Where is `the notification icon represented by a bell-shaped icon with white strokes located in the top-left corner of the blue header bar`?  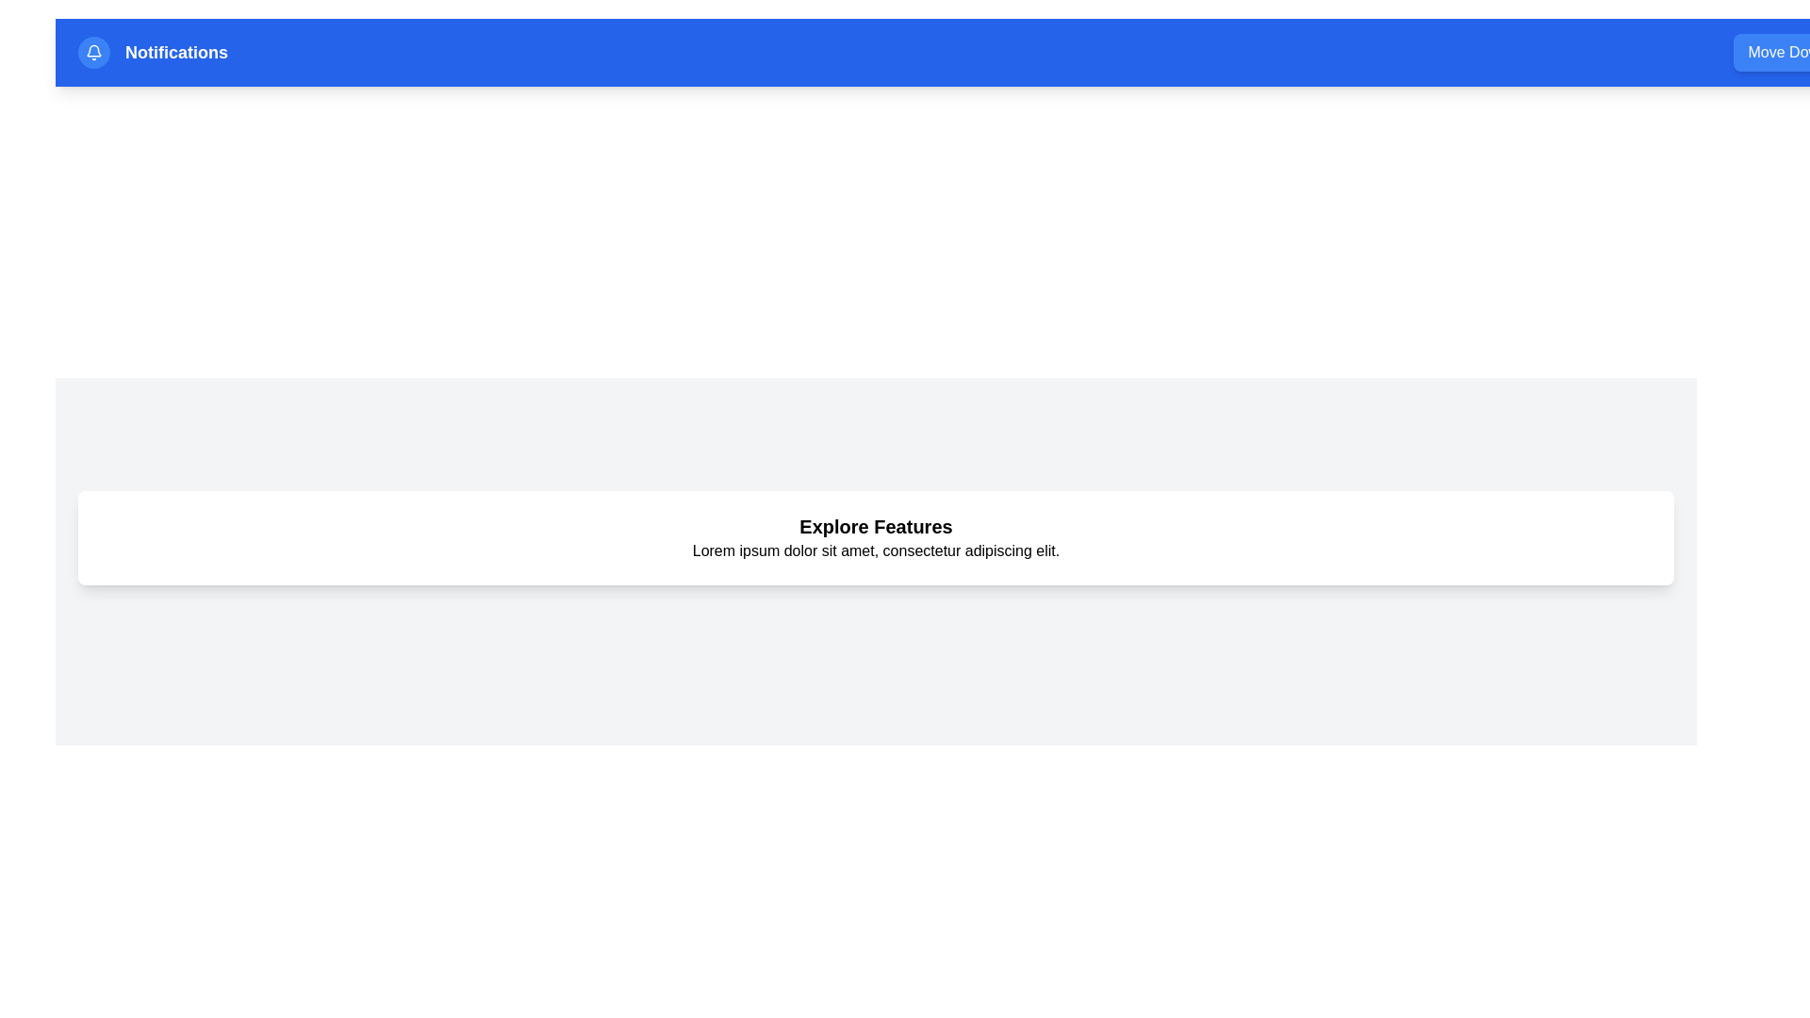 the notification icon represented by a bell-shaped icon with white strokes located in the top-left corner of the blue header bar is located at coordinates (93, 50).